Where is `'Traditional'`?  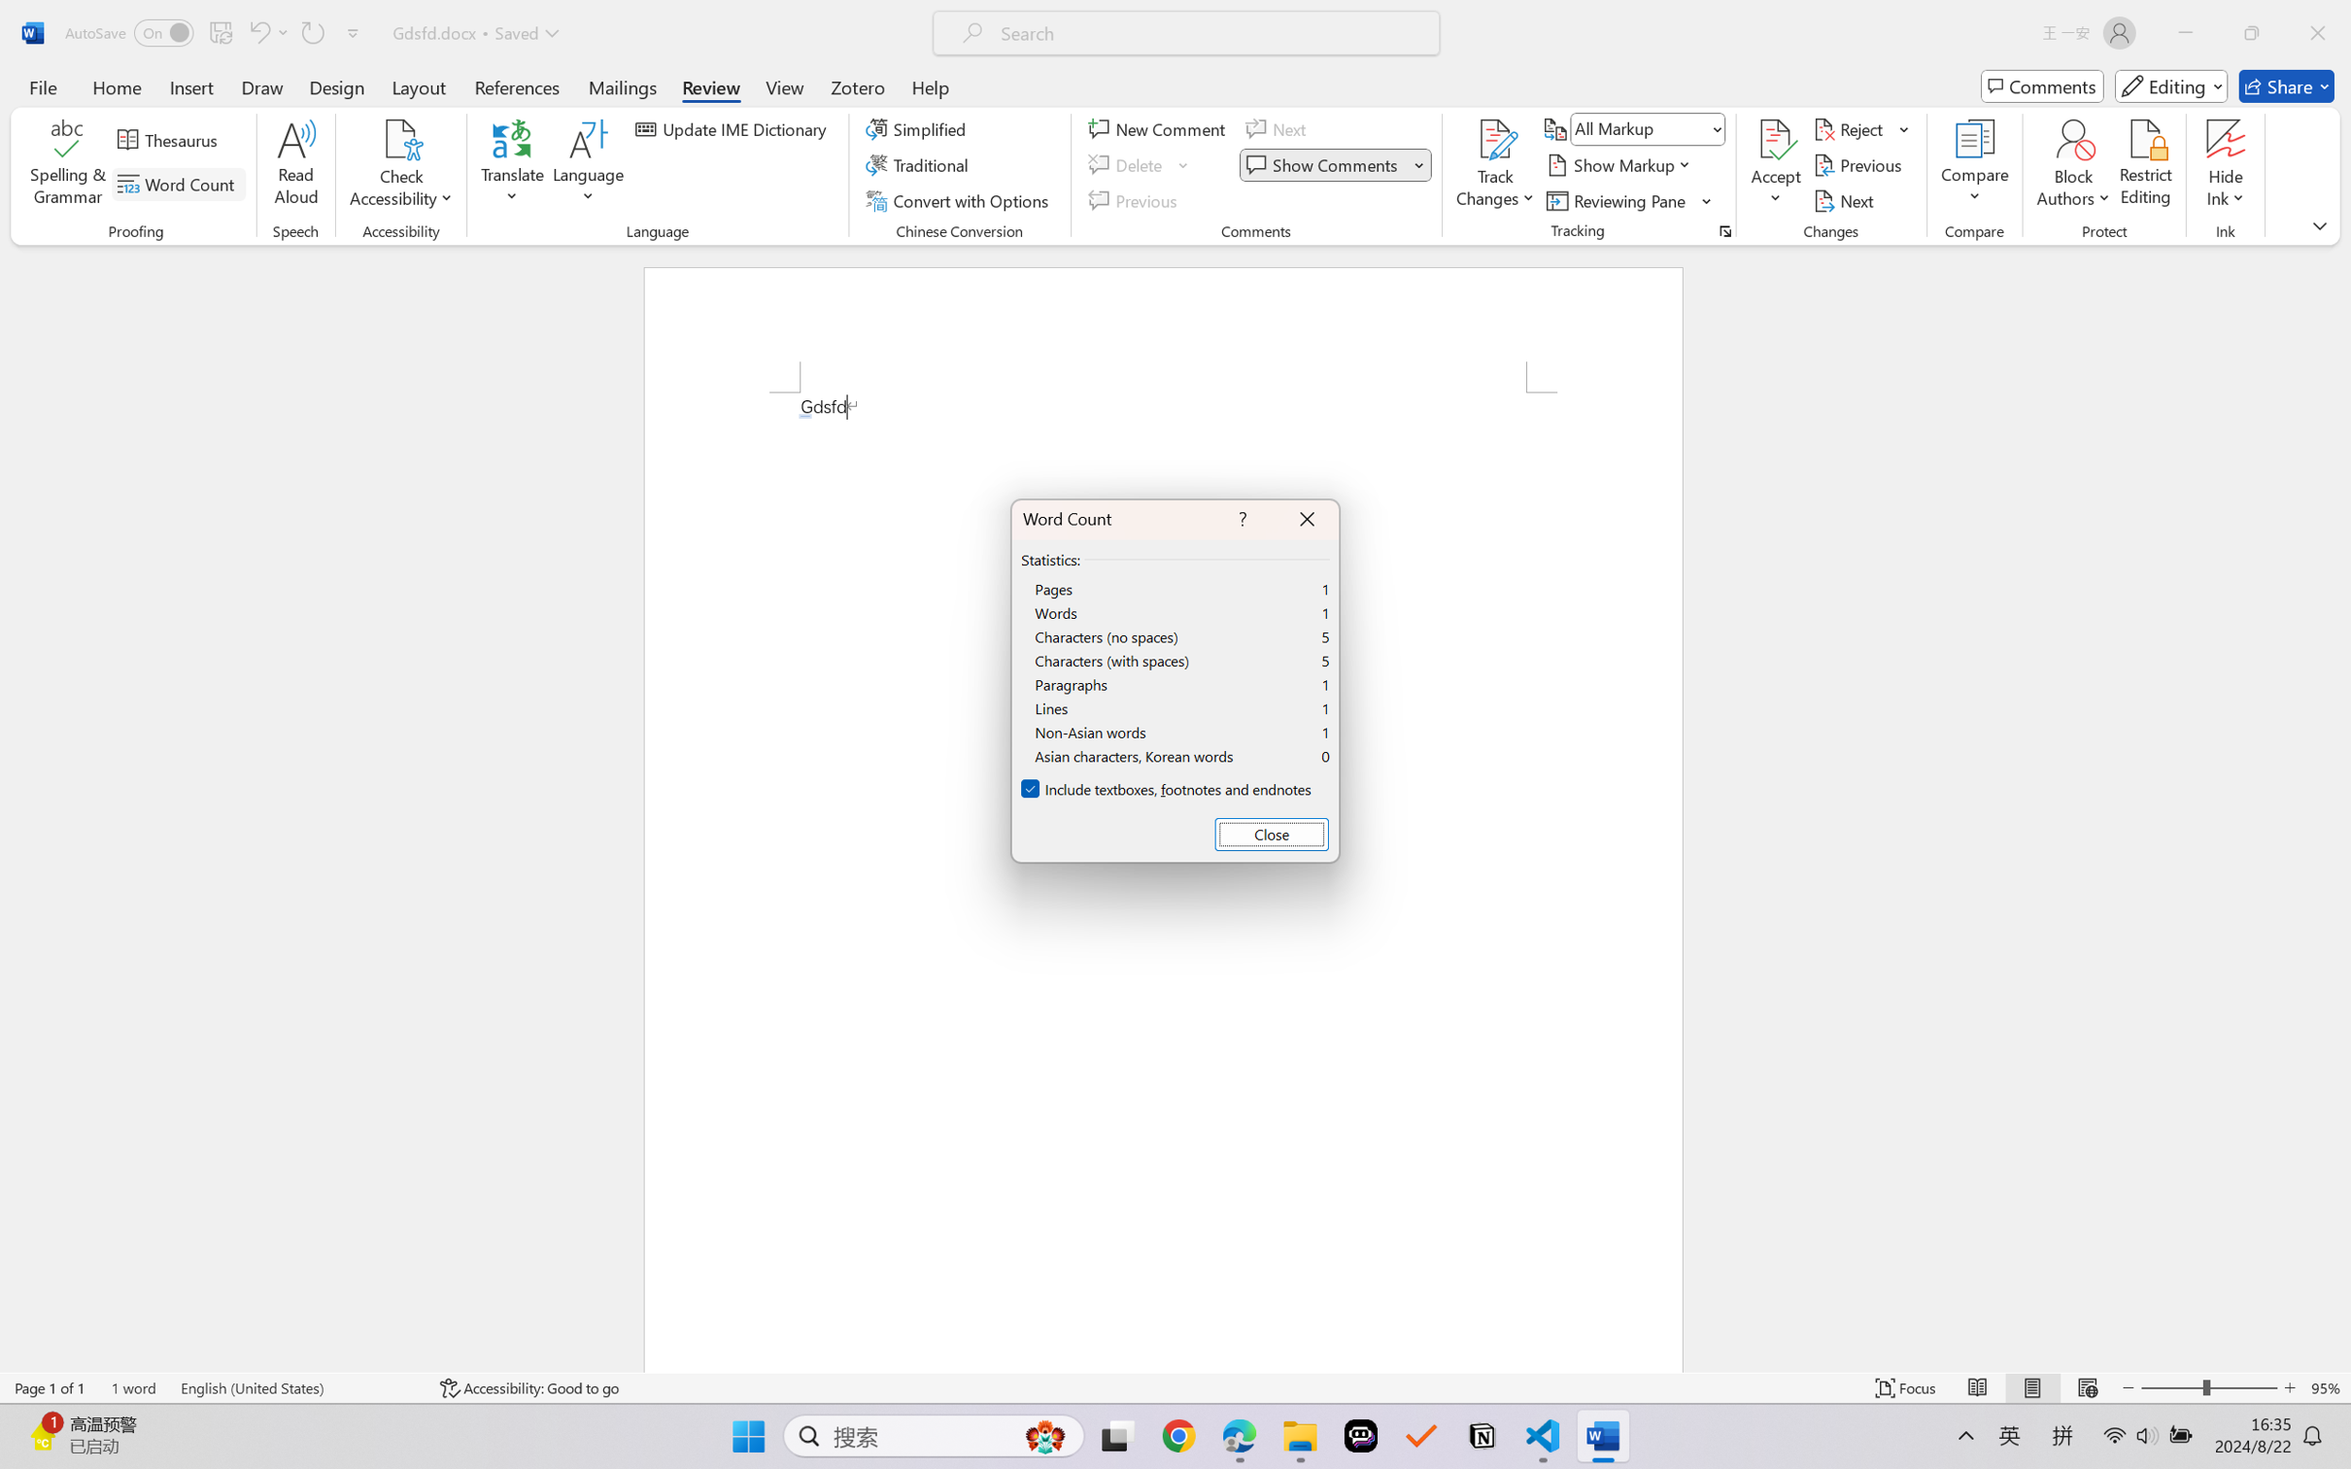
'Traditional' is located at coordinates (919, 165).